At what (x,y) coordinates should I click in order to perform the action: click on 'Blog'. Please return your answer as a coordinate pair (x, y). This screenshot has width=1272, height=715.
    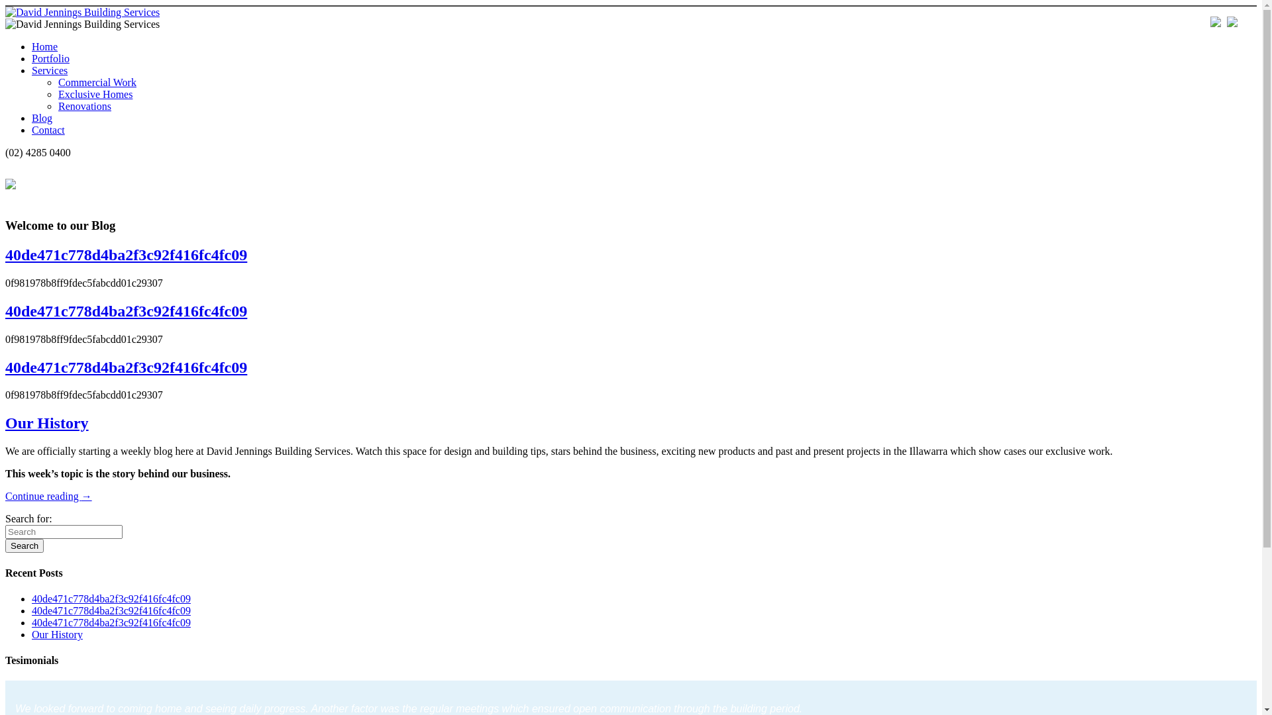
    Looking at the image, I should click on (42, 117).